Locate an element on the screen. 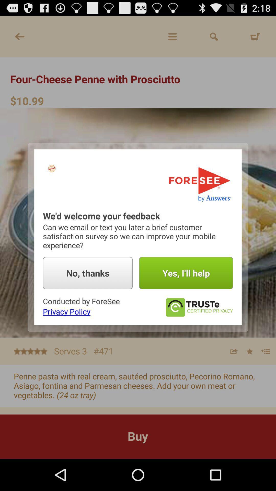  the privacy policy icon is located at coordinates (66, 311).